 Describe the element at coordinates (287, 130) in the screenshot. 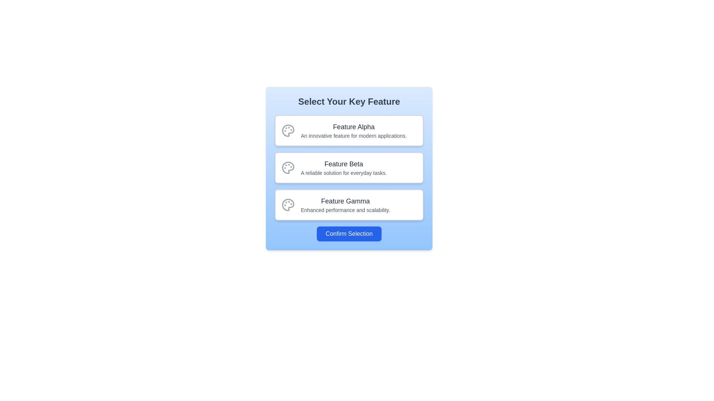

I see `the decorative icon associated with the 'Feature Alpha' card, located on the left side of the card and aligned centrally in height` at that location.